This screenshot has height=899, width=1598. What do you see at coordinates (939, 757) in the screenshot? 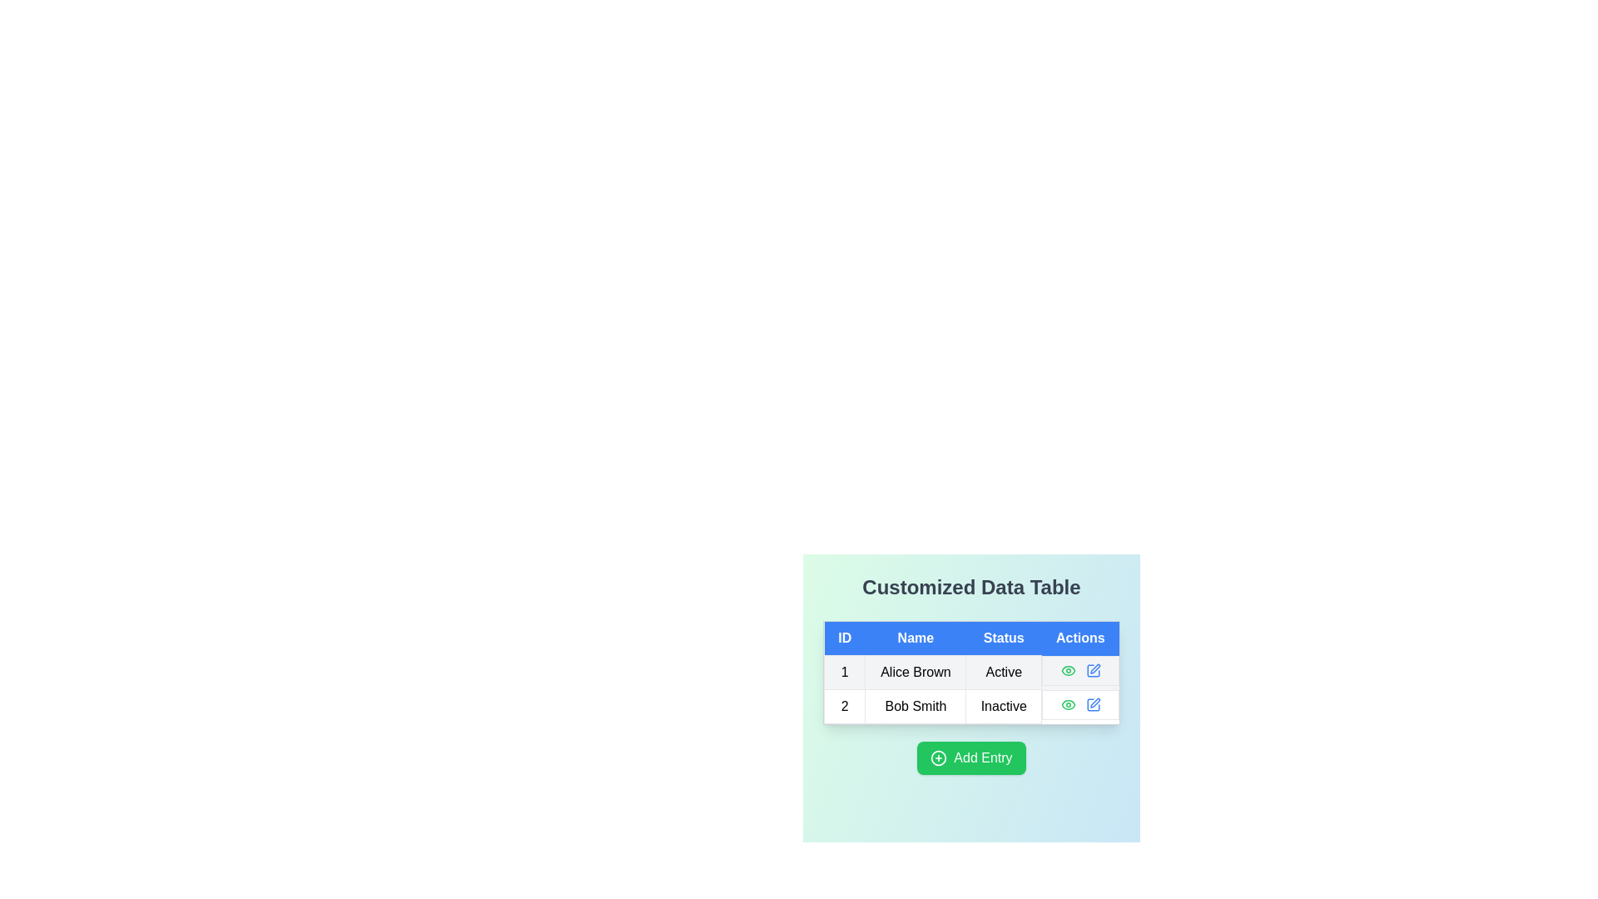
I see `the green 'Add Entry' button that contains the icon for adding new entries to the data table` at bounding box center [939, 757].